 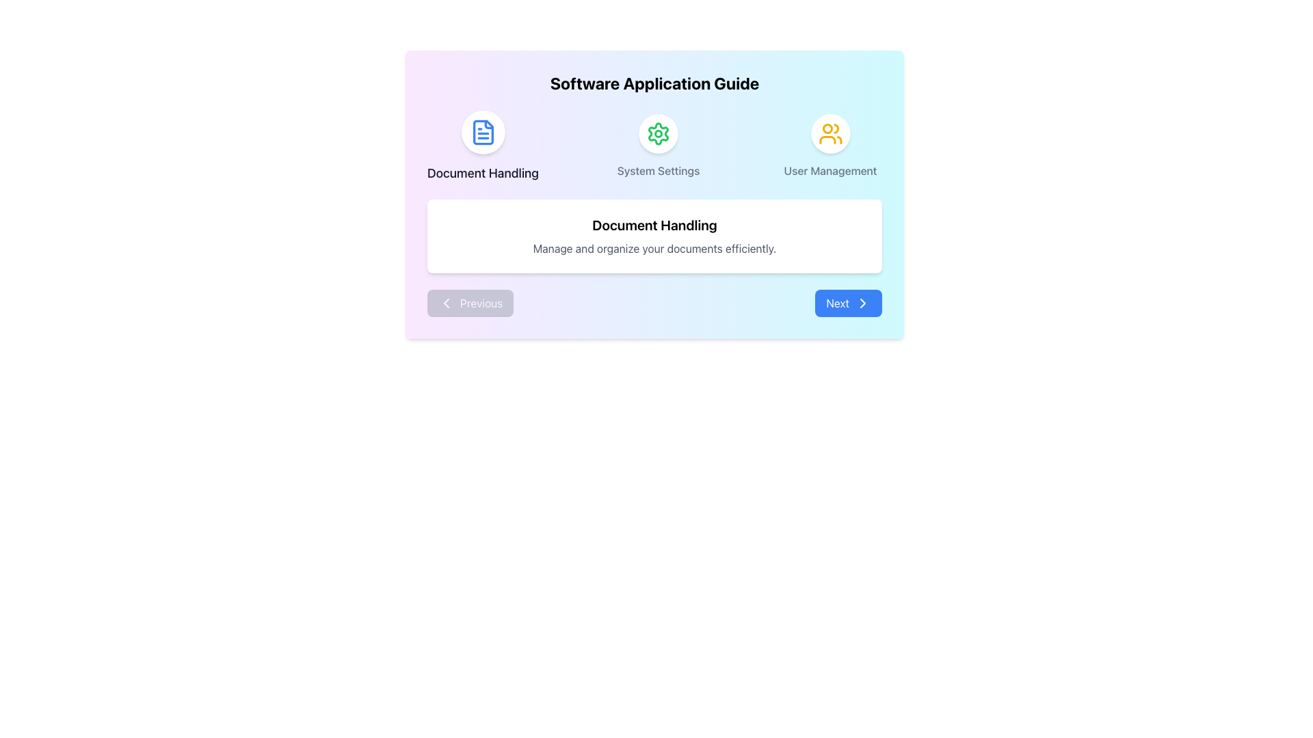 I want to click on the 'System Settings' label, which is centrally positioned beneath the green gear icon and flanked by 'Document Handling' and 'User Management' labels, so click(x=659, y=170).